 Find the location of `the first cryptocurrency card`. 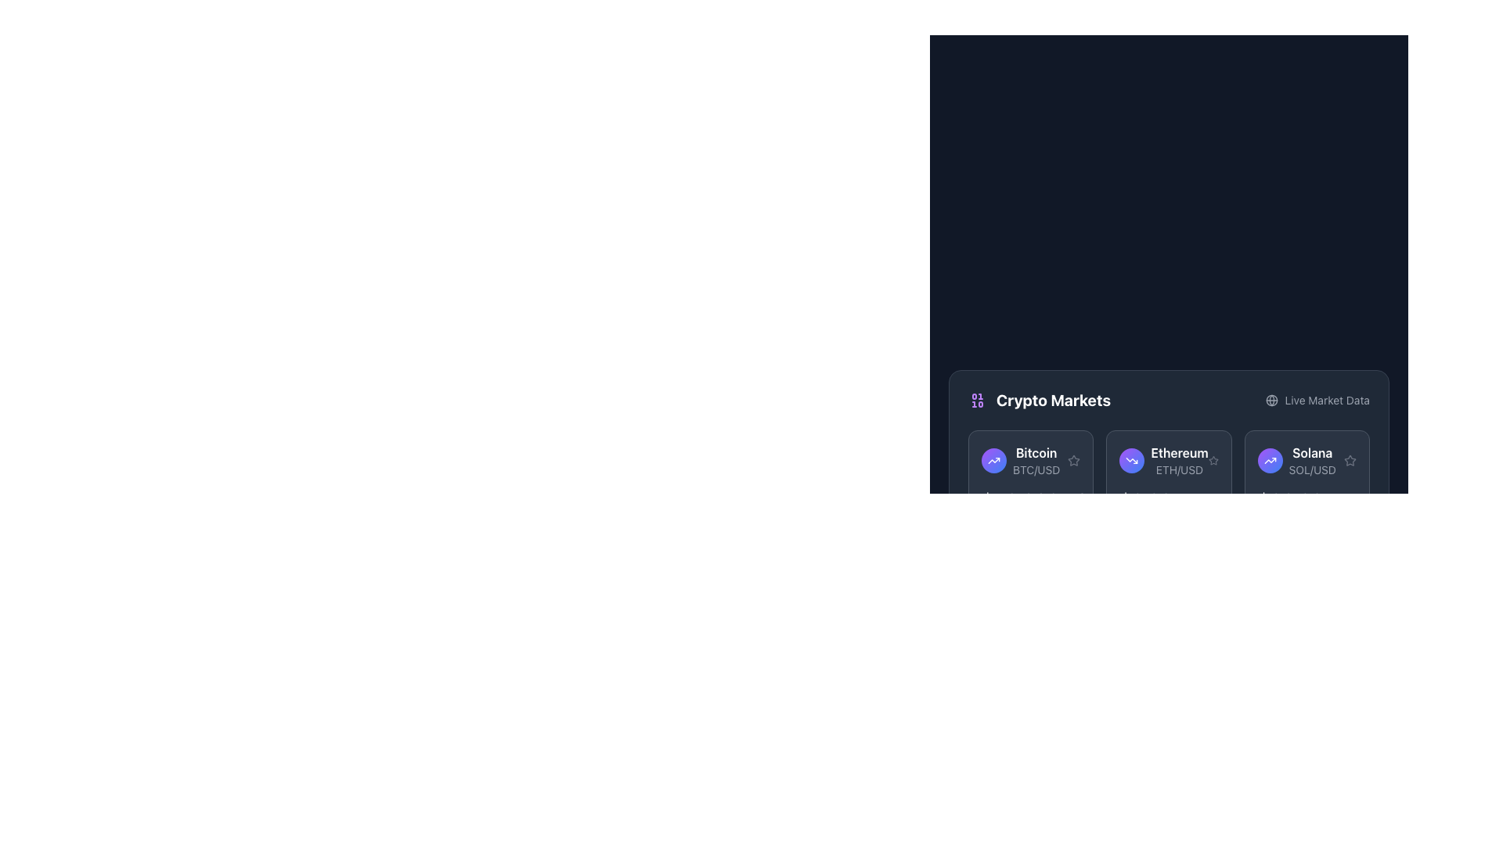

the first cryptocurrency card is located at coordinates (1021, 460).